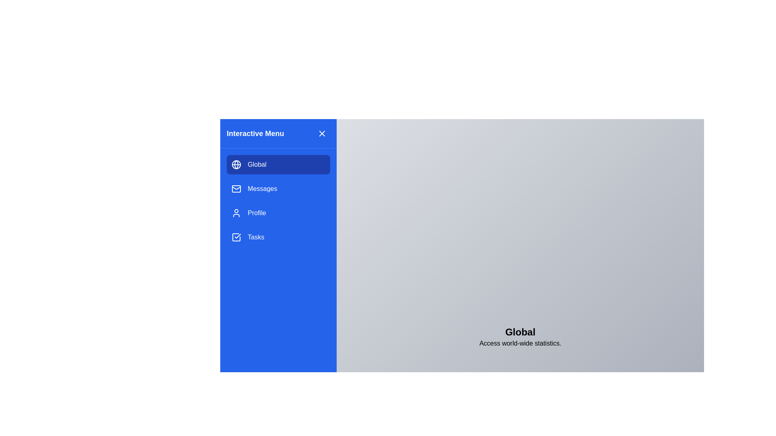  I want to click on the static label located in the top-left corner of the blue sidebar, which serves as a title or heading for the area and is positioned to the left of the close button, so click(255, 133).